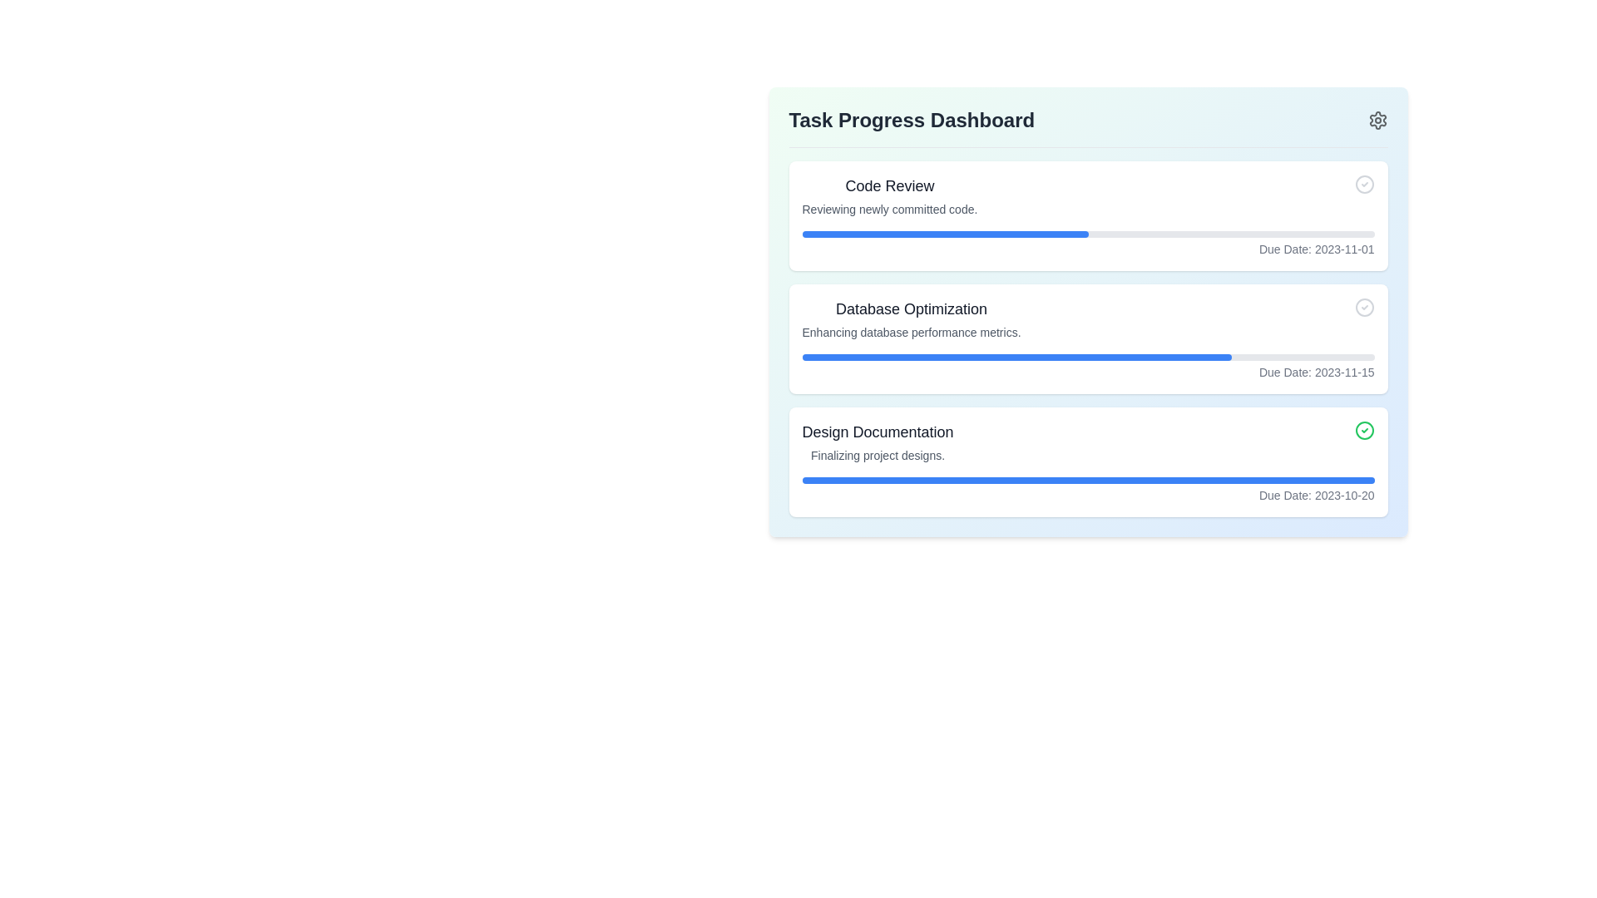 Image resolution: width=1597 pixels, height=898 pixels. What do you see at coordinates (910, 319) in the screenshot?
I see `the text block titled 'Database Optimization' that features a bold title and a lighter description, located in the center of the card in the second row of the task progress list` at bounding box center [910, 319].